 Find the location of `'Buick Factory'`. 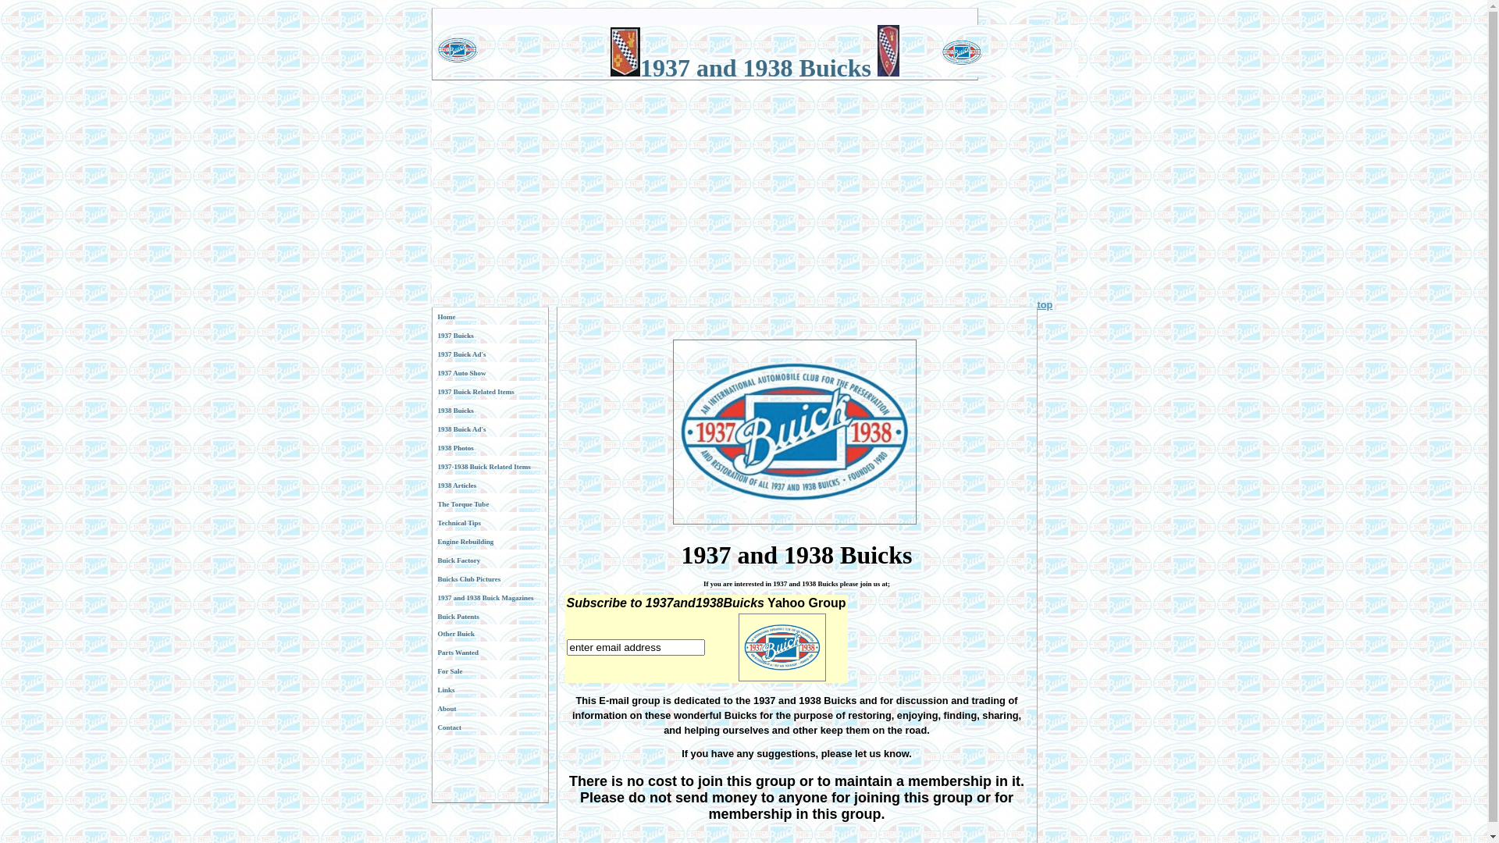

'Buick Factory' is located at coordinates (489, 559).